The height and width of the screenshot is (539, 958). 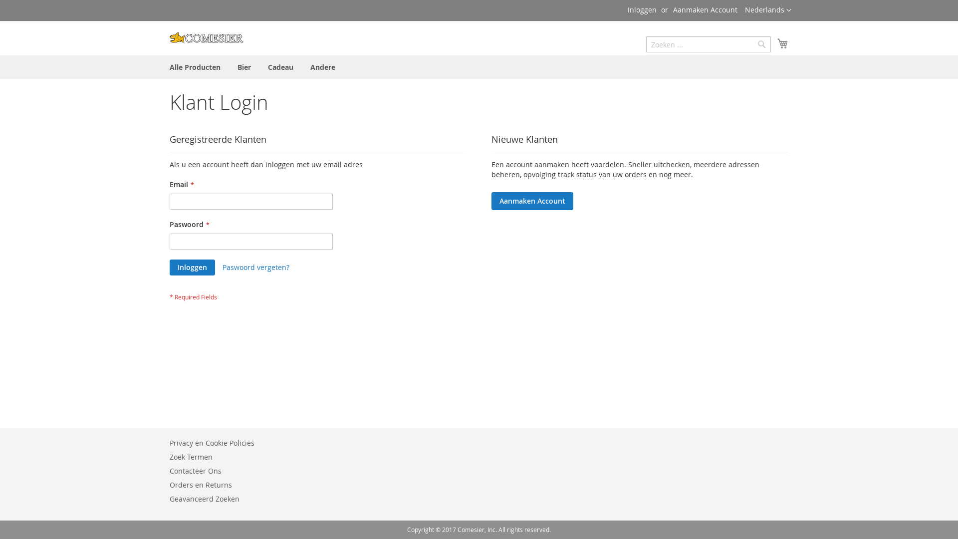 I want to click on 'Hop & Honey', so click(x=206, y=37).